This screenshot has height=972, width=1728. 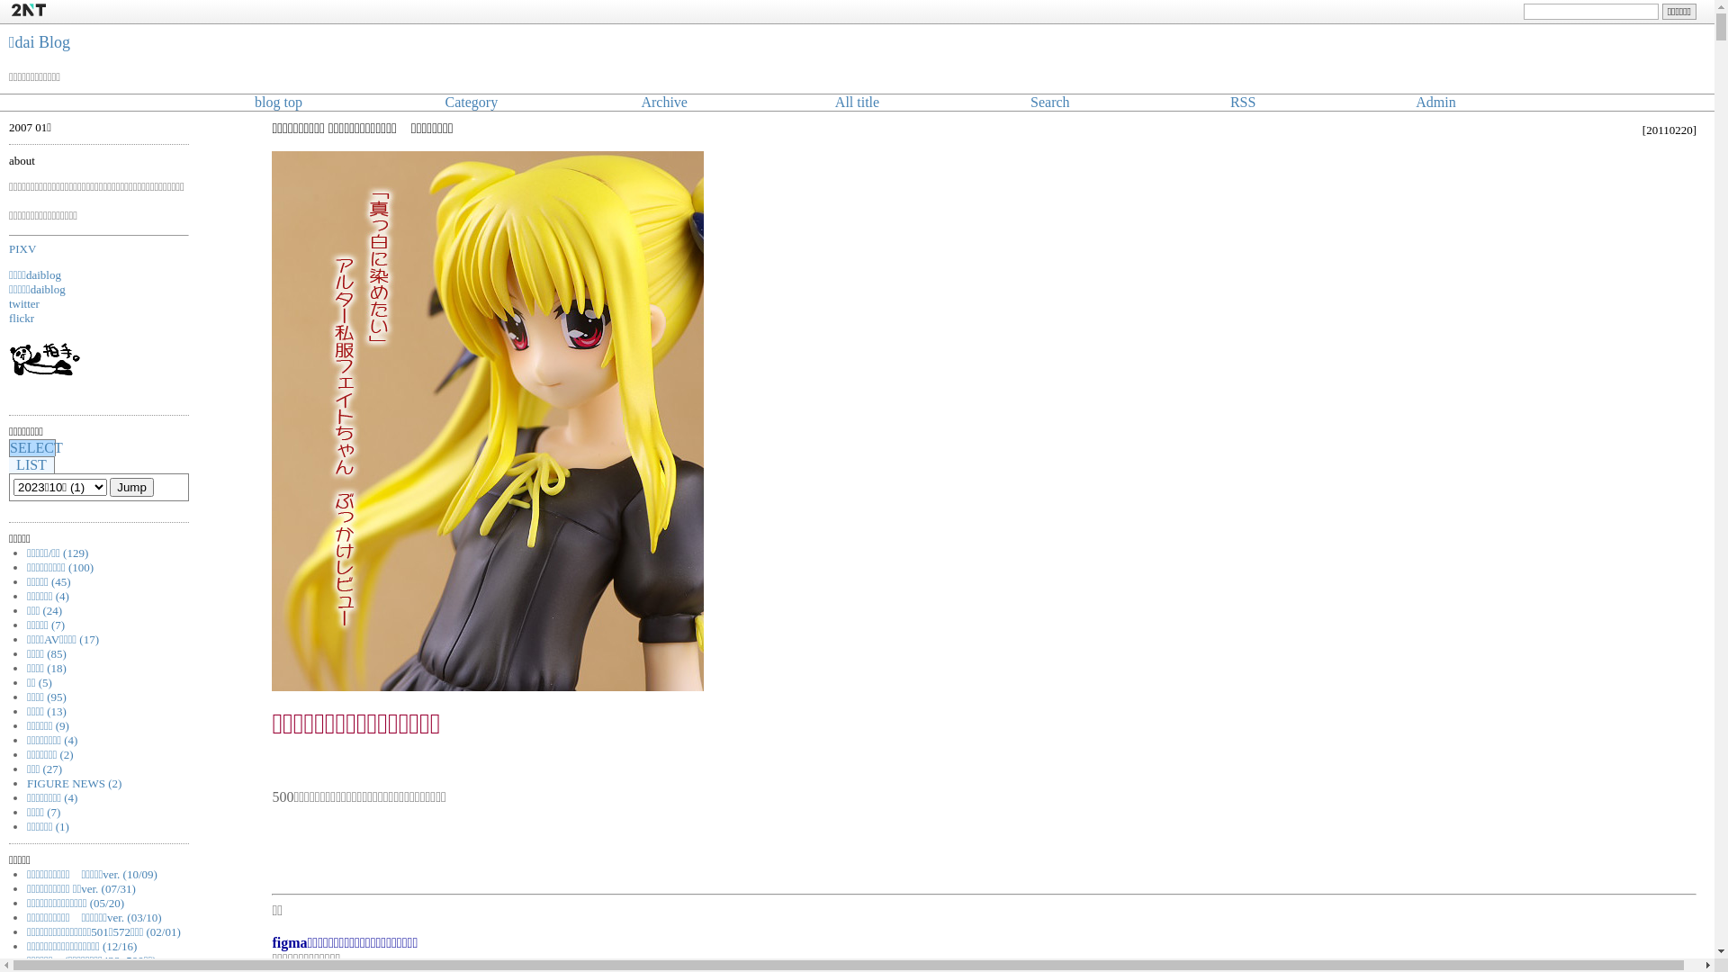 What do you see at coordinates (73, 782) in the screenshot?
I see `'FIGURE NEWS (2)'` at bounding box center [73, 782].